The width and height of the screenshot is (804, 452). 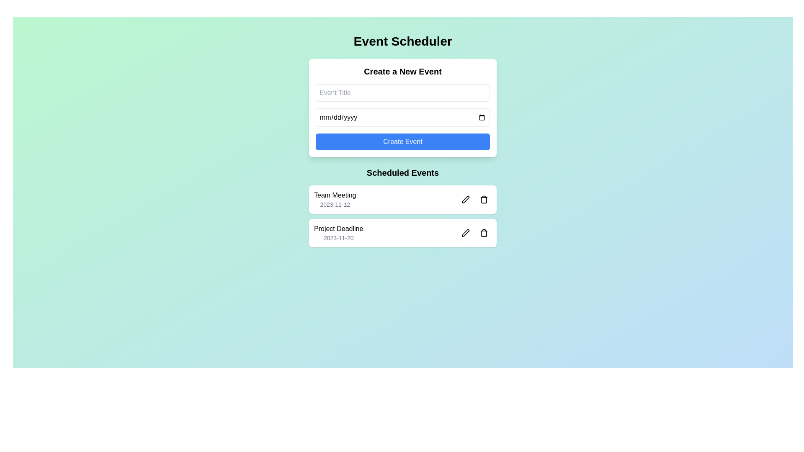 I want to click on the first interactive edit icon for the 'Team Meeting' event located in the 'Scheduled Events' section, so click(x=465, y=200).